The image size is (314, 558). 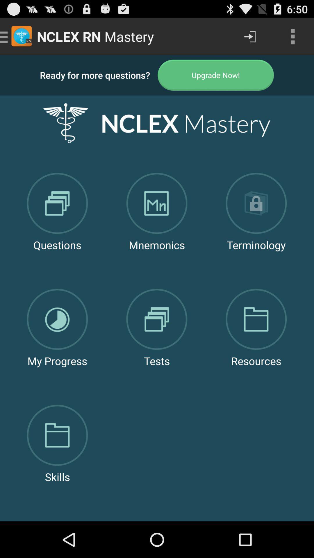 What do you see at coordinates (216, 75) in the screenshot?
I see `the icon next to the ready for more icon` at bounding box center [216, 75].